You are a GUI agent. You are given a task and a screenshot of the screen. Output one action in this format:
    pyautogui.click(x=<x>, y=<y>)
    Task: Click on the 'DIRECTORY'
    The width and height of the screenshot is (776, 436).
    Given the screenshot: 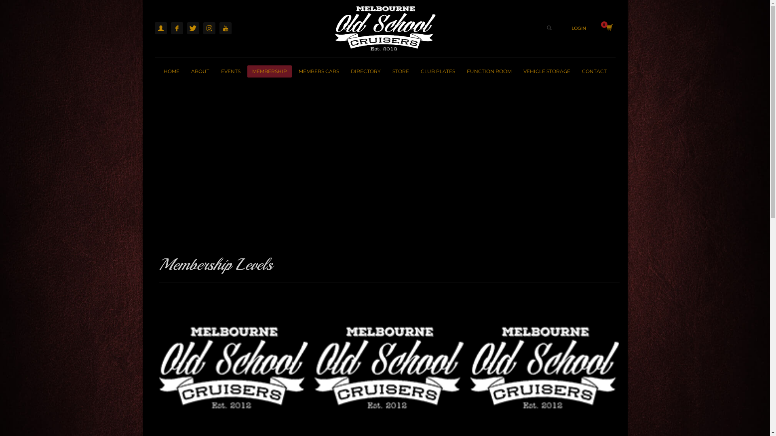 What is the action you would take?
    pyautogui.click(x=365, y=71)
    